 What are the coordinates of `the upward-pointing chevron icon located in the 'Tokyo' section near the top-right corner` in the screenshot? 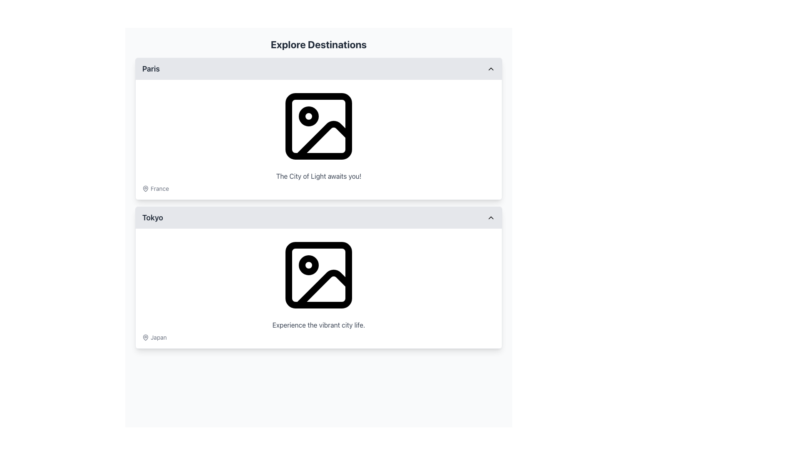 It's located at (491, 217).